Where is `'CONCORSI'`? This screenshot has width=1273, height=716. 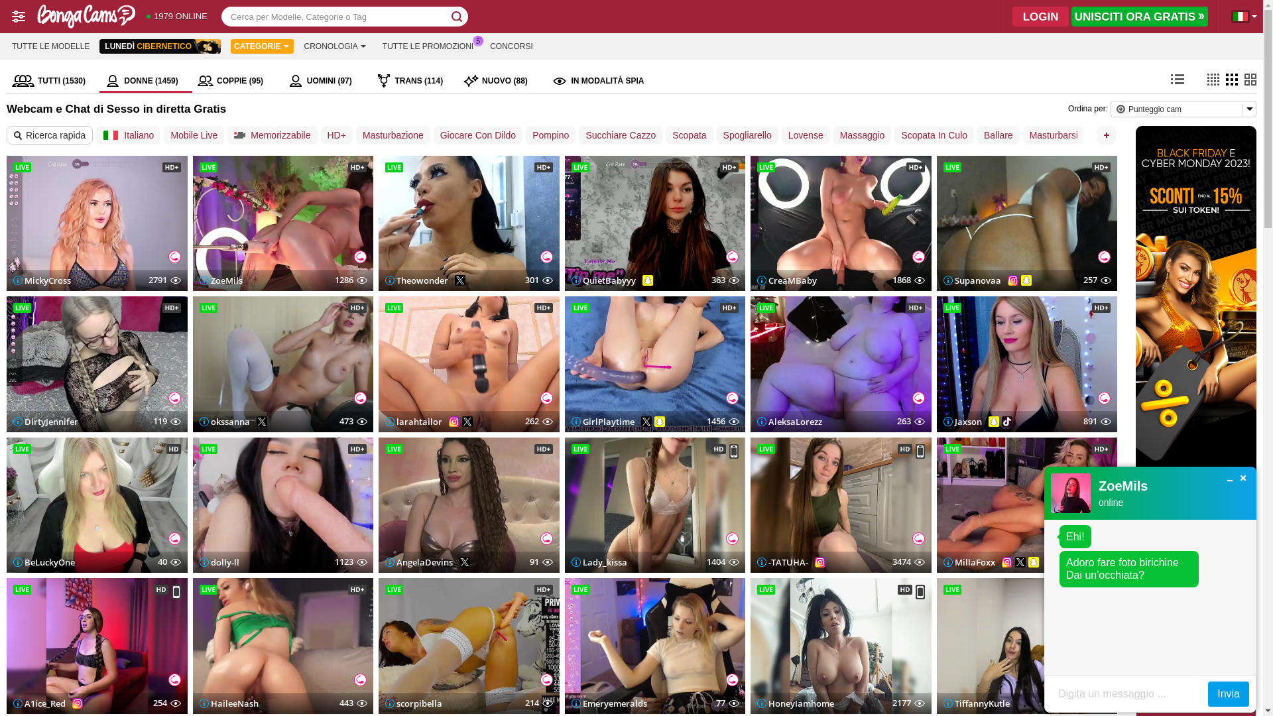 'CONCORSI' is located at coordinates (511, 45).